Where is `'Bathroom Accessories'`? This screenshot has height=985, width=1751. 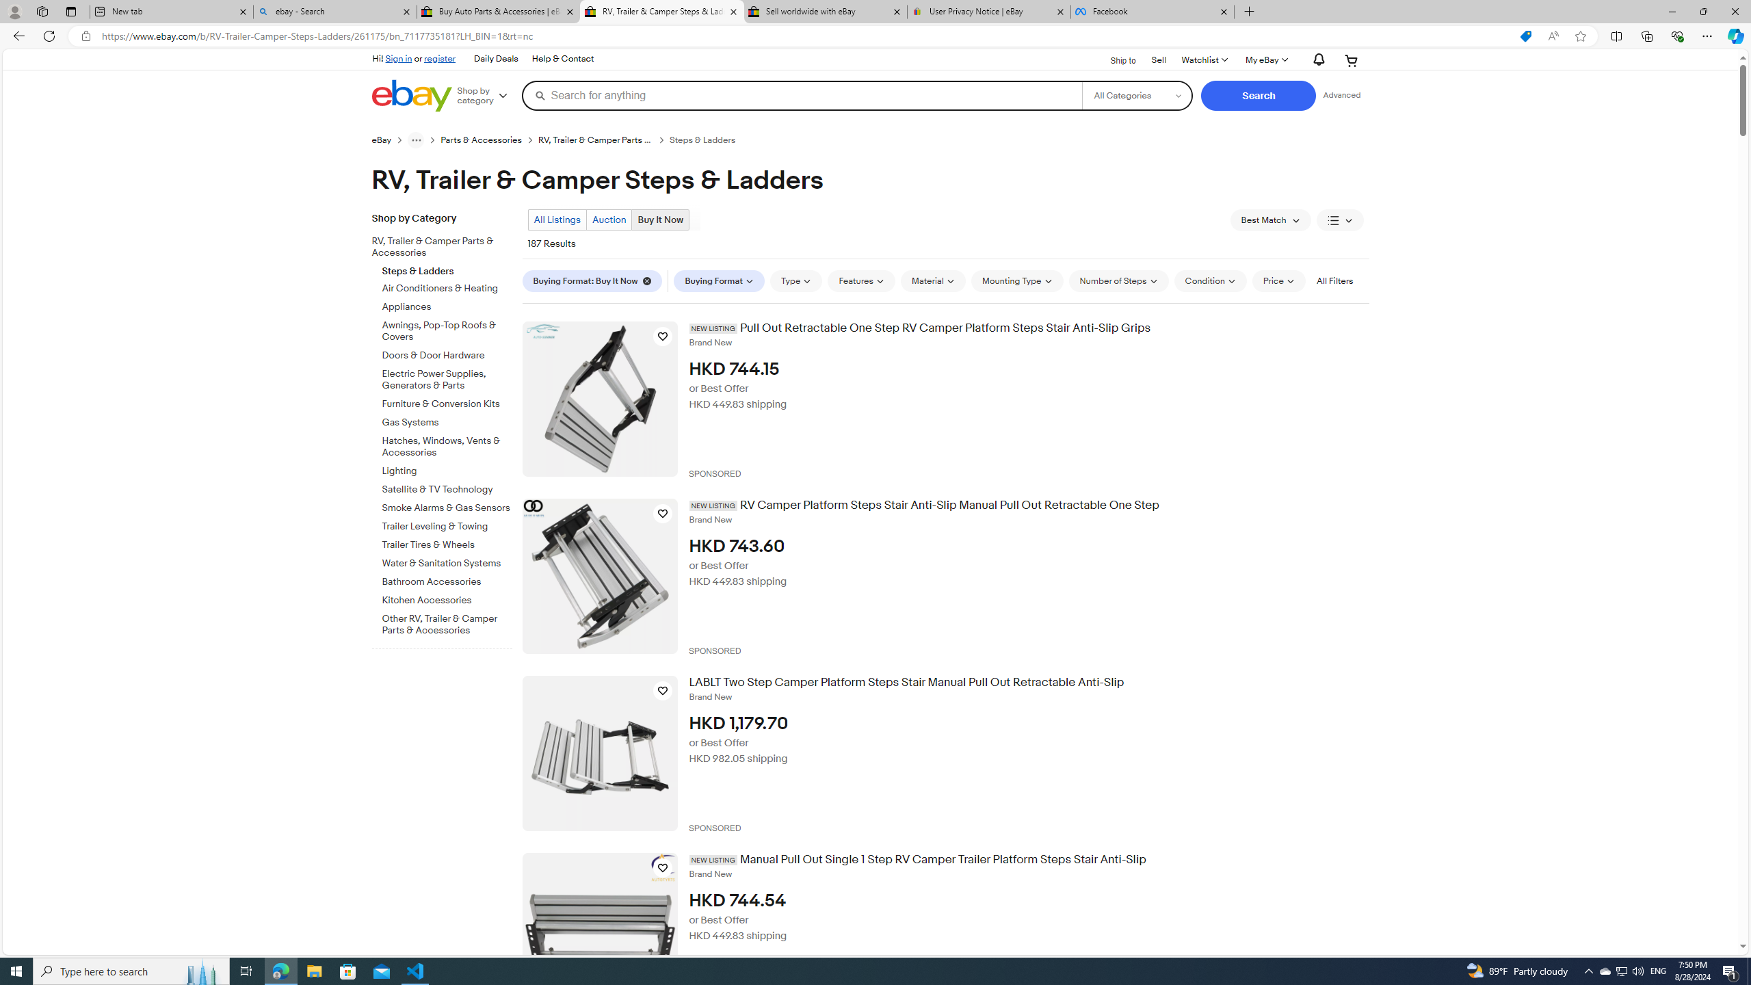 'Bathroom Accessories' is located at coordinates (447, 579).